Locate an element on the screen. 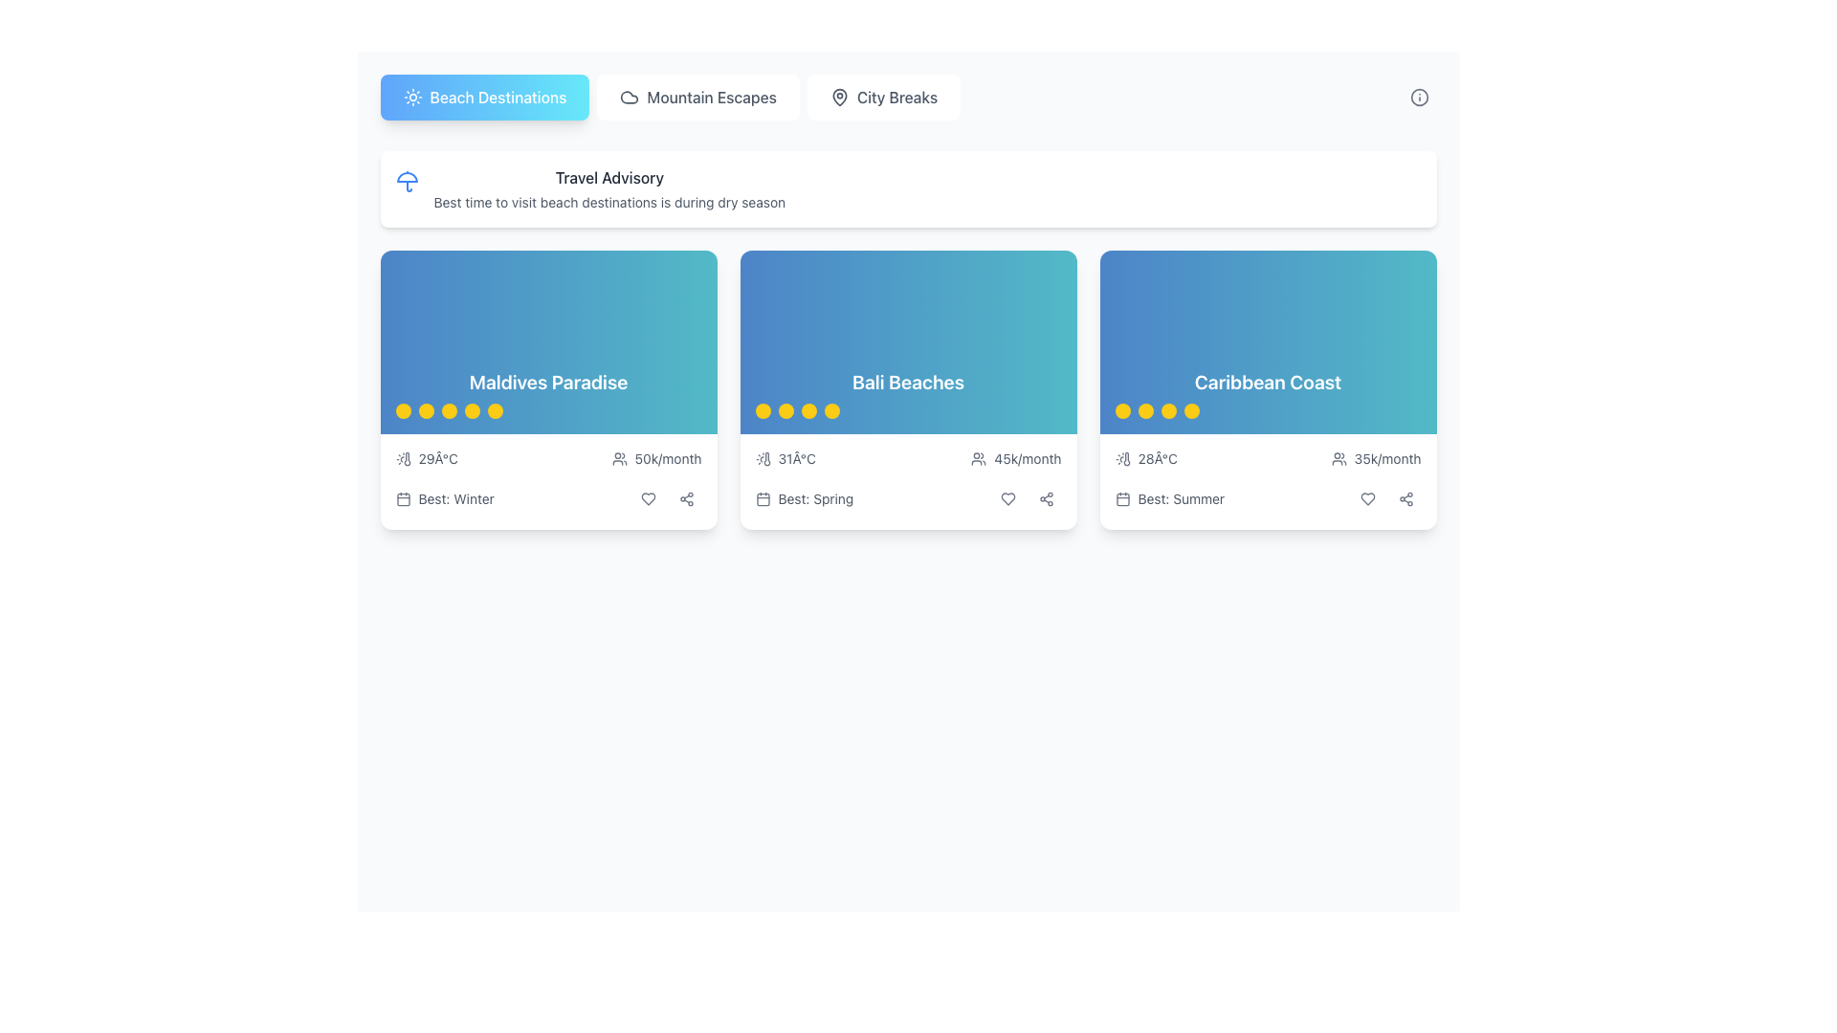 The width and height of the screenshot is (1837, 1033). the circular share button with a triangular icon located at the bottom-right corner of the third card in the row of destination cards is located at coordinates (686, 497).